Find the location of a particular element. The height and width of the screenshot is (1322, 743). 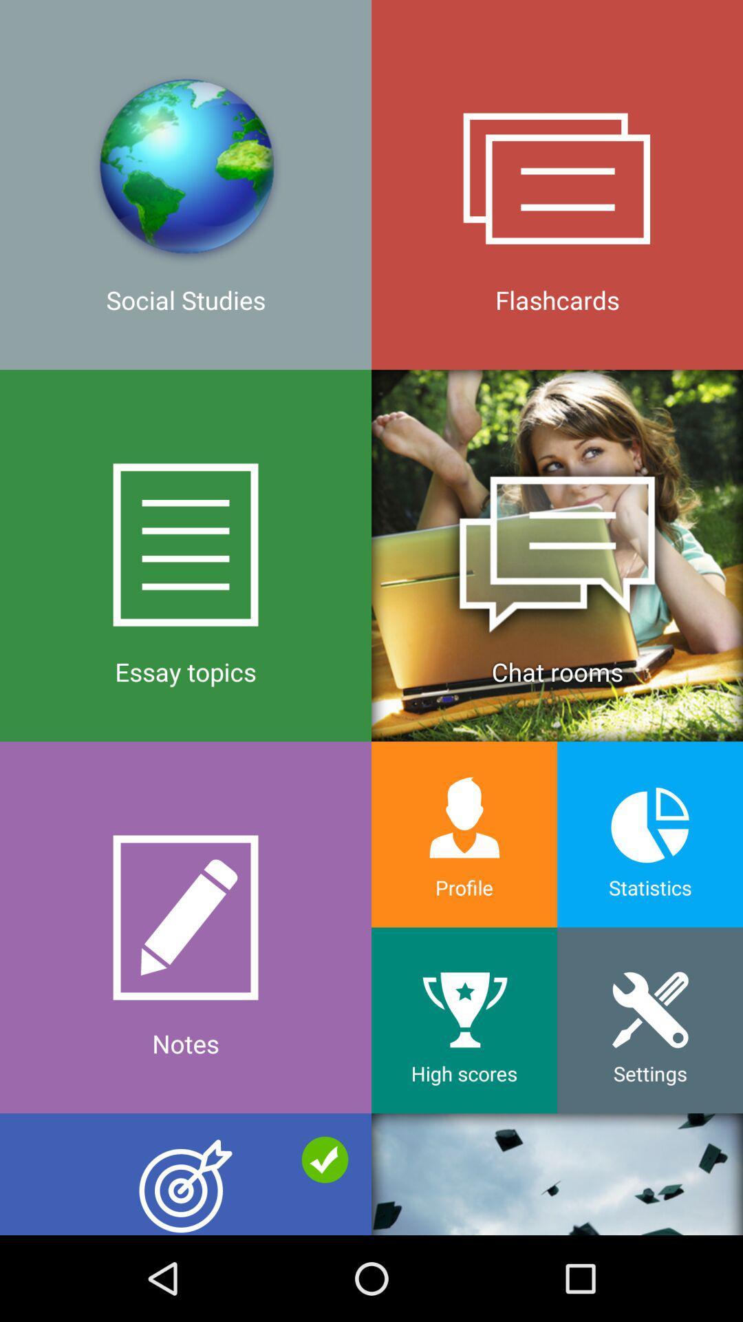

item next to the statistics item is located at coordinates (464, 834).